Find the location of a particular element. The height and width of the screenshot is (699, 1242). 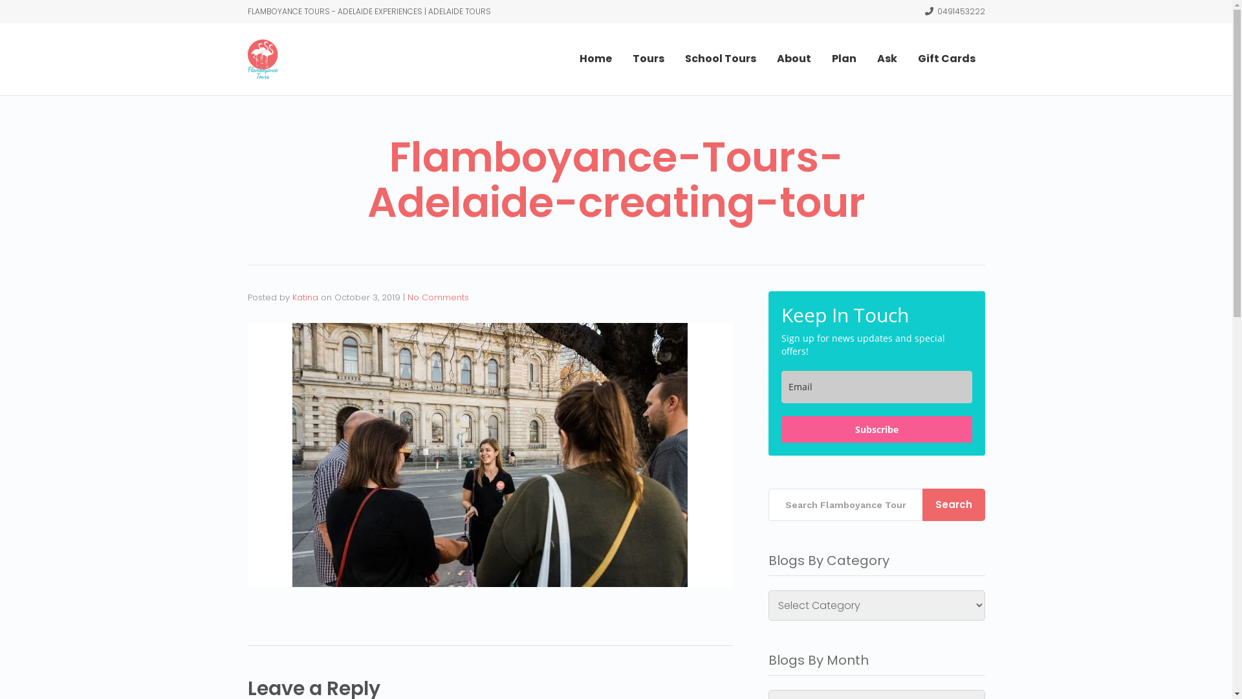

'Ask' is located at coordinates (886, 59).